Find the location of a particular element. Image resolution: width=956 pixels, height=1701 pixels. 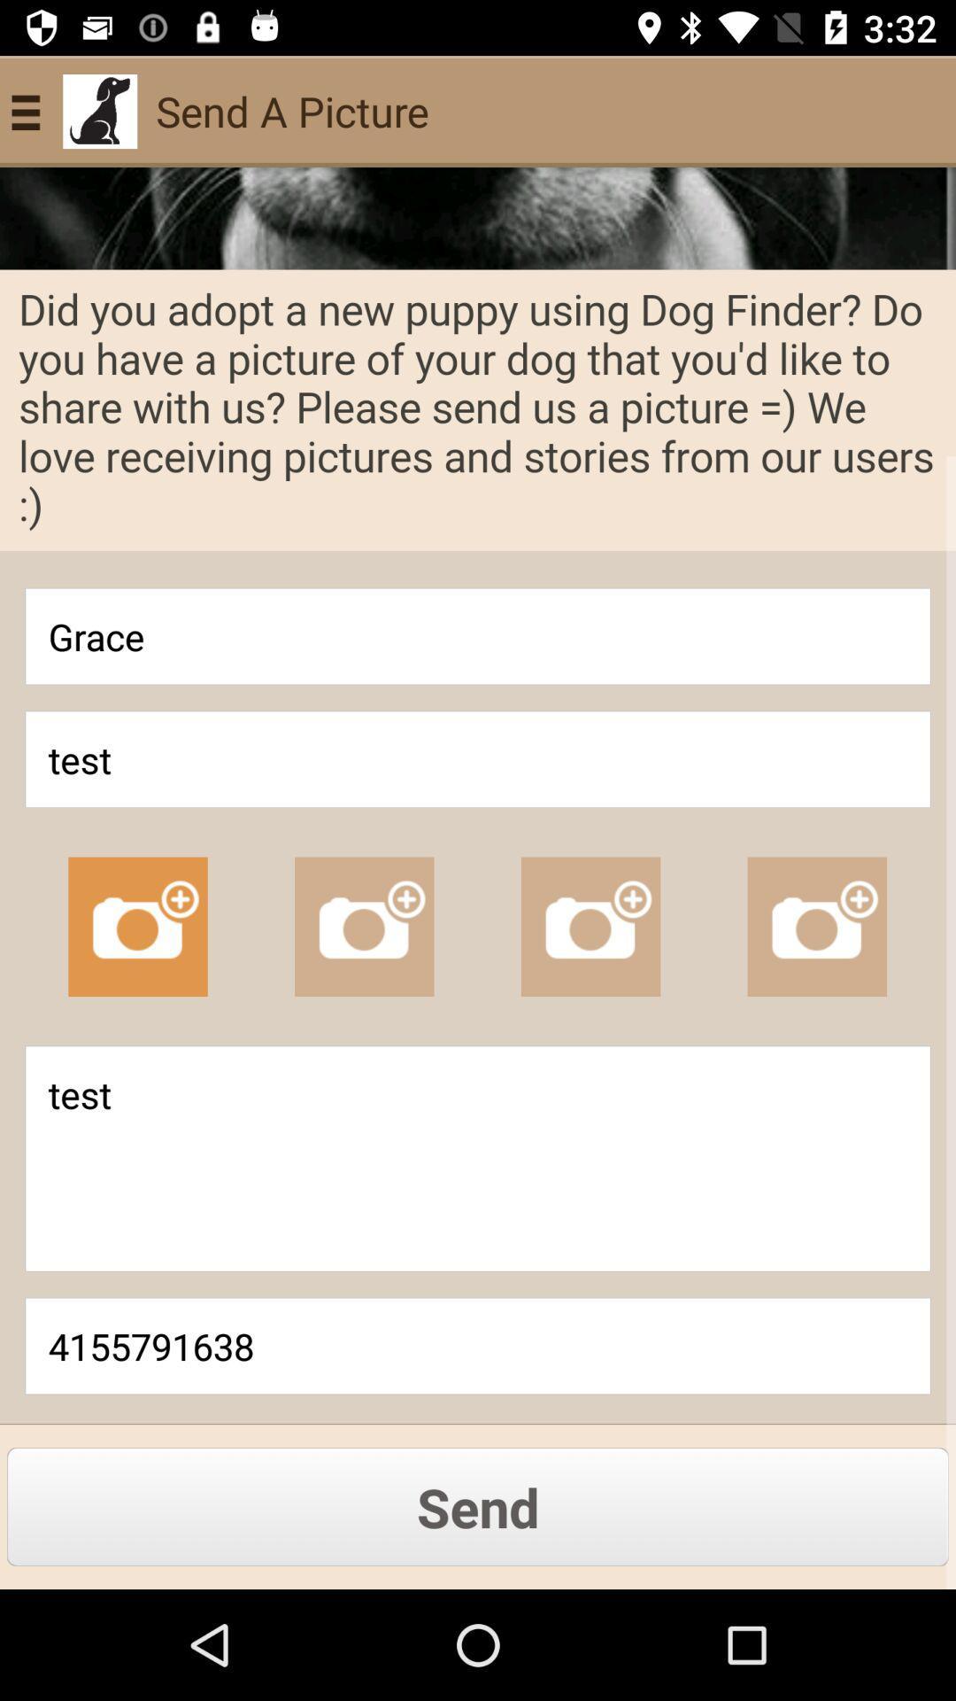

the menu icon shown at the top left corner of the page is located at coordinates (33, 110).